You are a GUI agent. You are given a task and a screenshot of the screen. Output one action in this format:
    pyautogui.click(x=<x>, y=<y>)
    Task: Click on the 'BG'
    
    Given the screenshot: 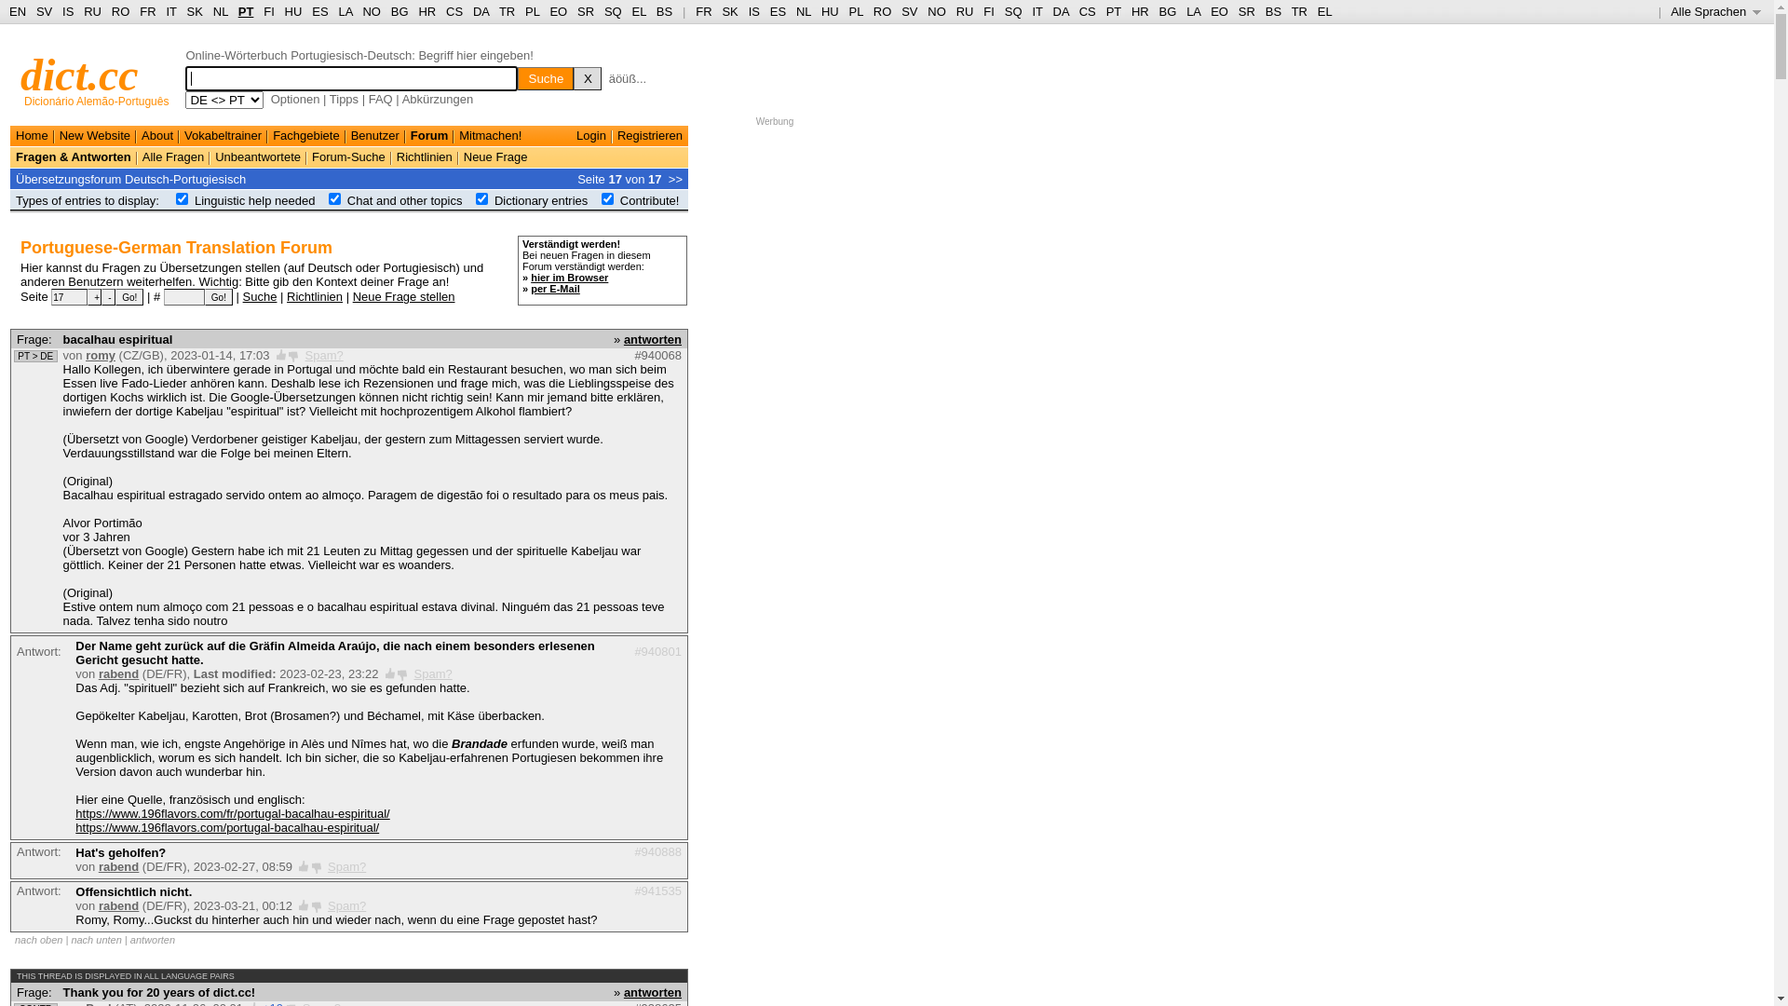 What is the action you would take?
    pyautogui.click(x=1166, y=11)
    